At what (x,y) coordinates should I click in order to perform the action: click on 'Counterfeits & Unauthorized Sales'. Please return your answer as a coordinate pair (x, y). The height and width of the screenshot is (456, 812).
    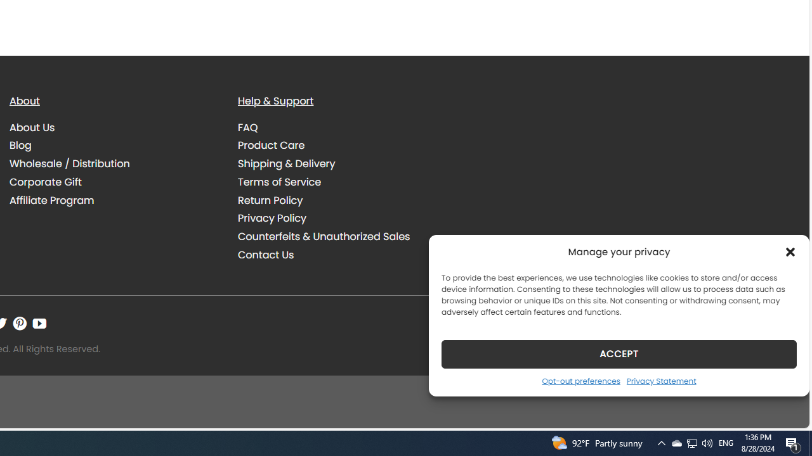
    Looking at the image, I should click on (324, 237).